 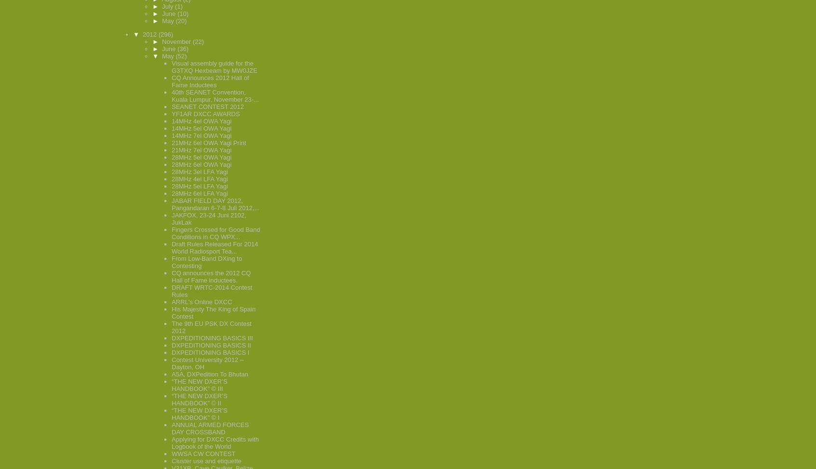 What do you see at coordinates (199, 399) in the screenshot?
I see `'“THE NEW DXER’S HANDBOOK” © II'` at bounding box center [199, 399].